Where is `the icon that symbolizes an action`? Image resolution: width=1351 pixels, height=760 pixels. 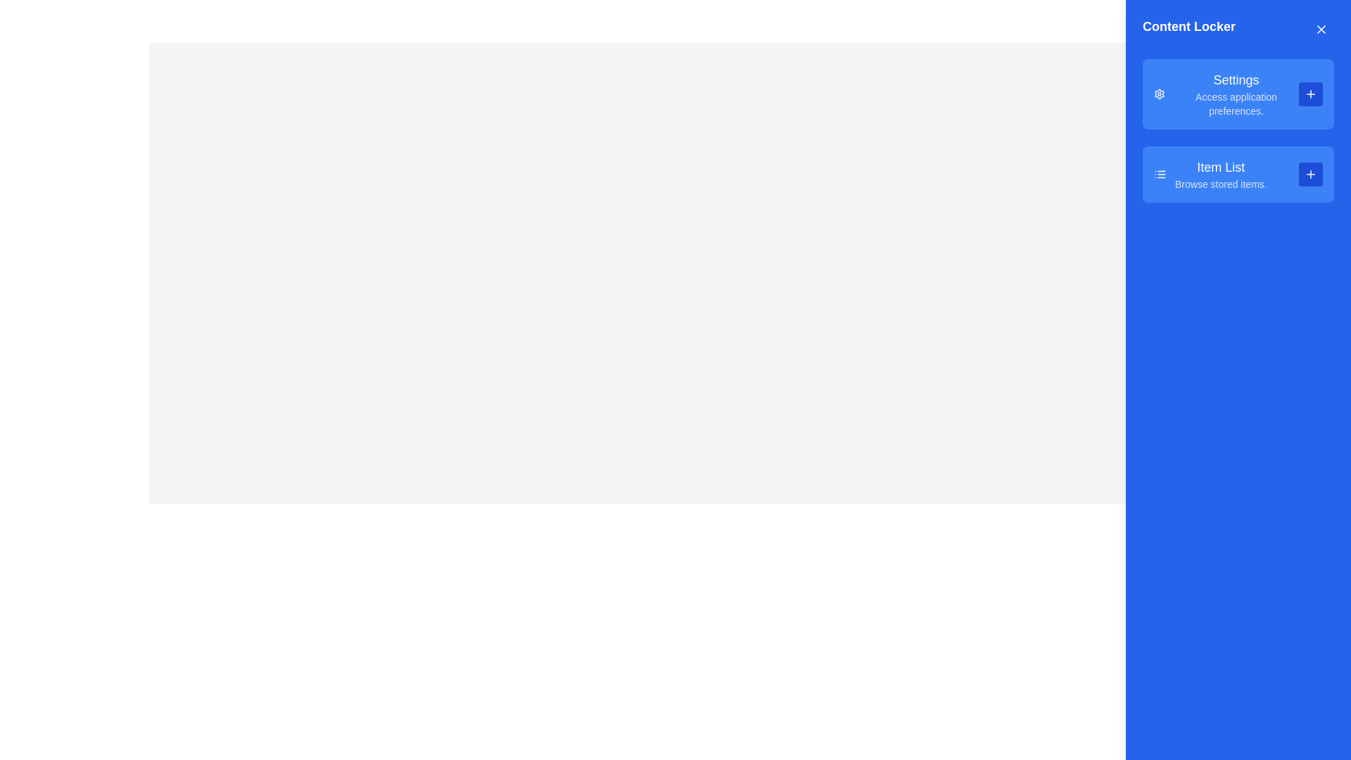
the icon that symbolizes an action is located at coordinates (1309, 173).